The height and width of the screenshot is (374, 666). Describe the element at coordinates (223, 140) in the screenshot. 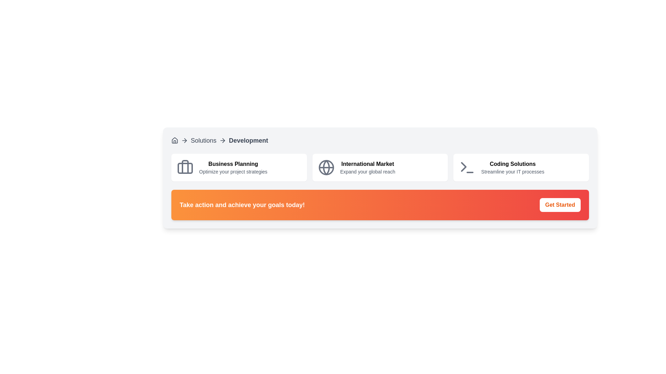

I see `breadcrumb navigation arrow icon located between the 'Solutions' and 'Development' labels at the top left of the interface` at that location.